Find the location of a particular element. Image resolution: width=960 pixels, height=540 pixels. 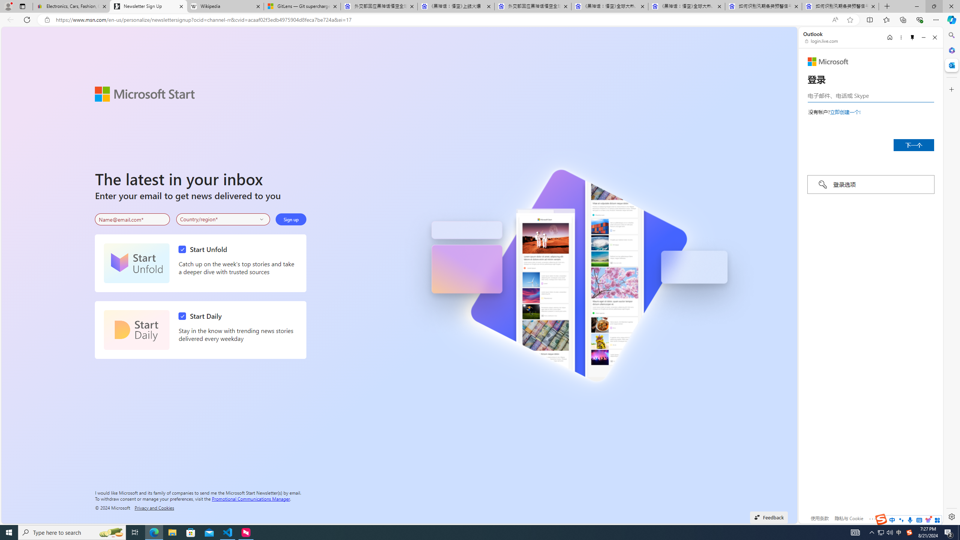

'Promotional Communications Manager' is located at coordinates (250, 498).